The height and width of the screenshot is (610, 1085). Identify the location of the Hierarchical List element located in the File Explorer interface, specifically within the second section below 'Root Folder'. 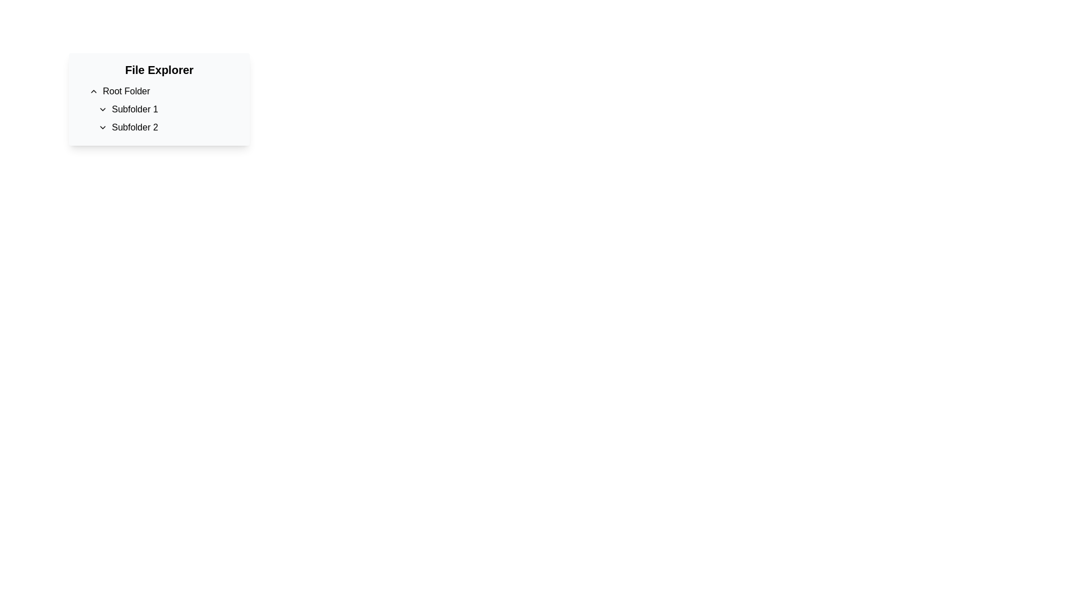
(163, 109).